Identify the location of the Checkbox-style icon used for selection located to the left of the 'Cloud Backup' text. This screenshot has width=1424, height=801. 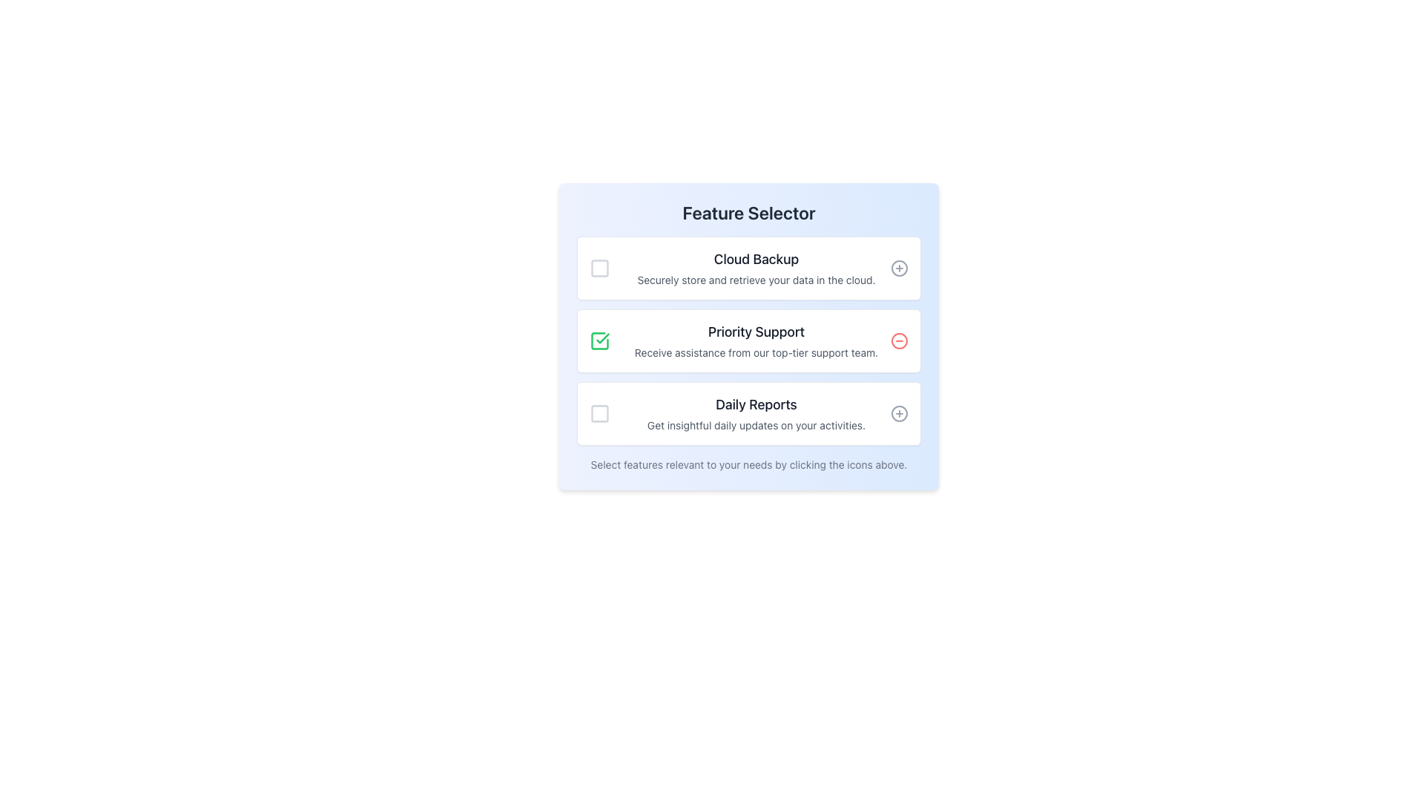
(600, 268).